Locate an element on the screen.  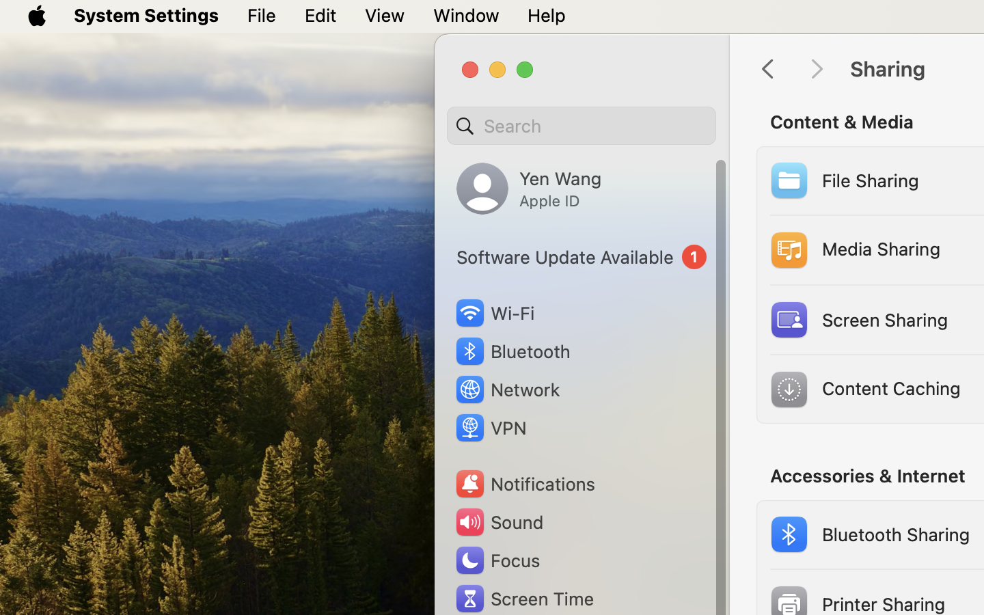
'Screen Sharing' is located at coordinates (856, 319).